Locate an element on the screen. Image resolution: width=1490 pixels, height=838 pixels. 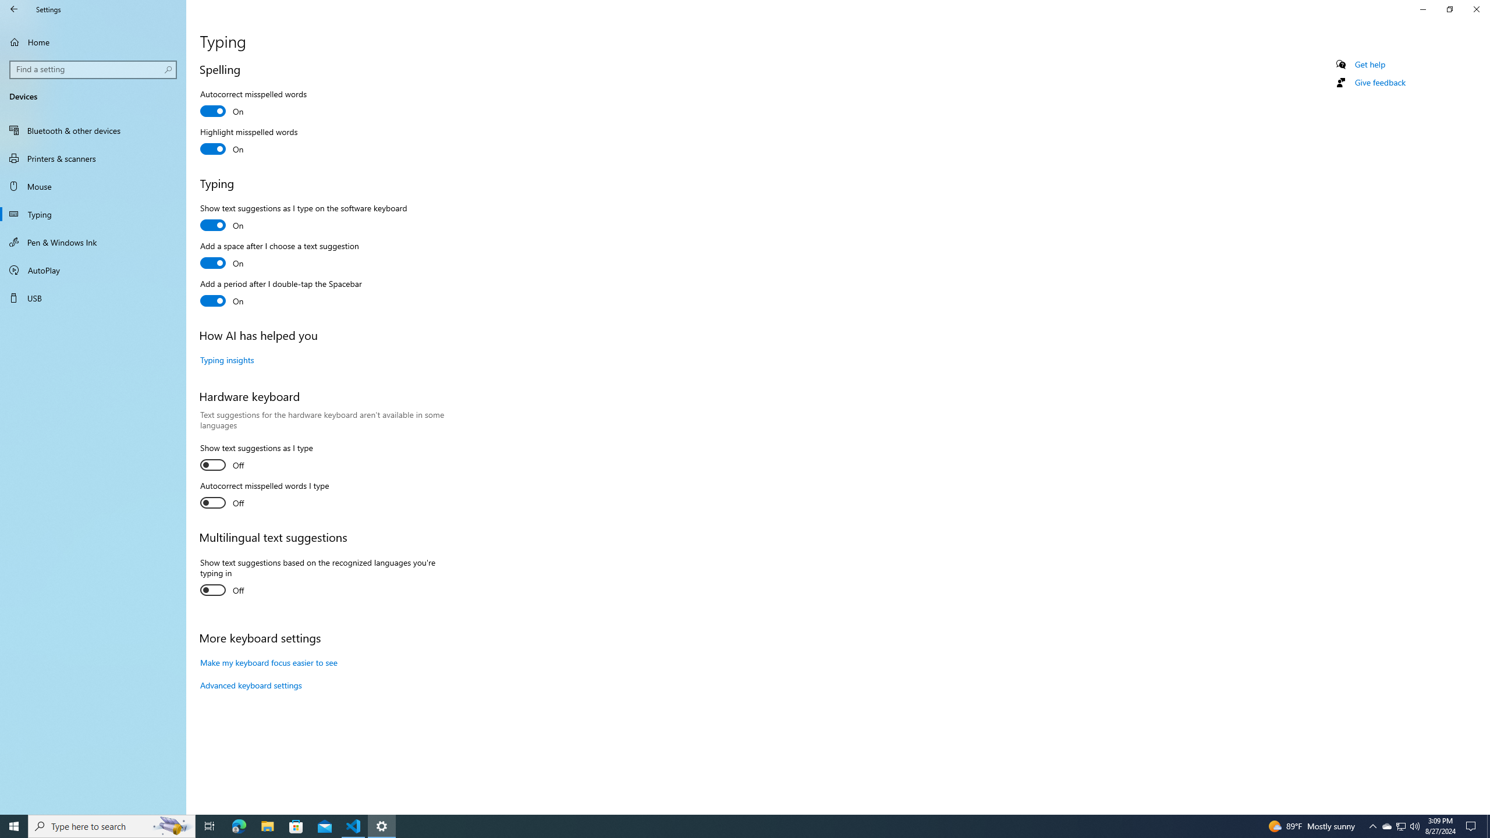
'Mouse' is located at coordinates (93, 186).